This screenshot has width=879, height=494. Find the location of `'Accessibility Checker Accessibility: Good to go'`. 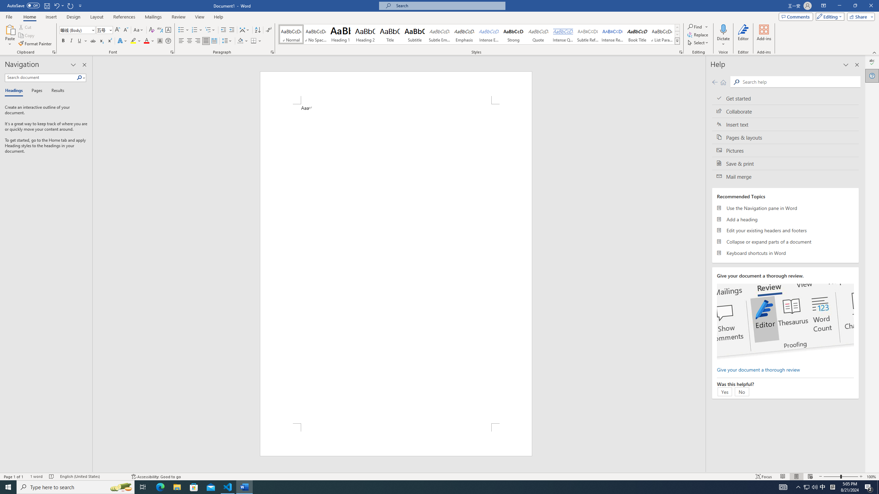

'Accessibility Checker Accessibility: Good to go' is located at coordinates (156, 477).